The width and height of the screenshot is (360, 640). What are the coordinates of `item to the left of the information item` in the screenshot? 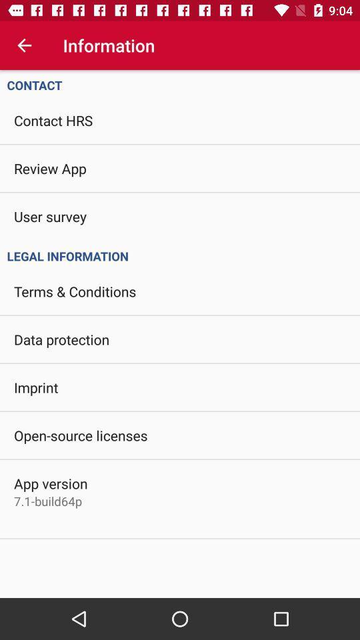 It's located at (24, 45).